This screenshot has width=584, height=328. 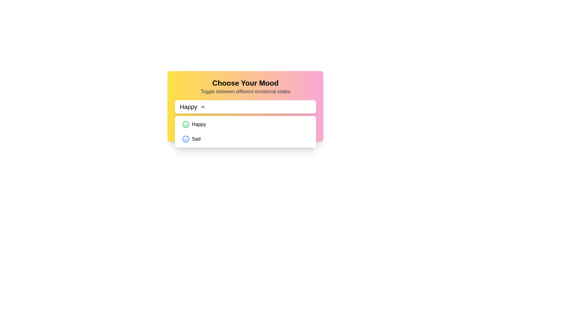 I want to click on the dropdown menu labeled 'Choose Your Mood', so click(x=245, y=106).